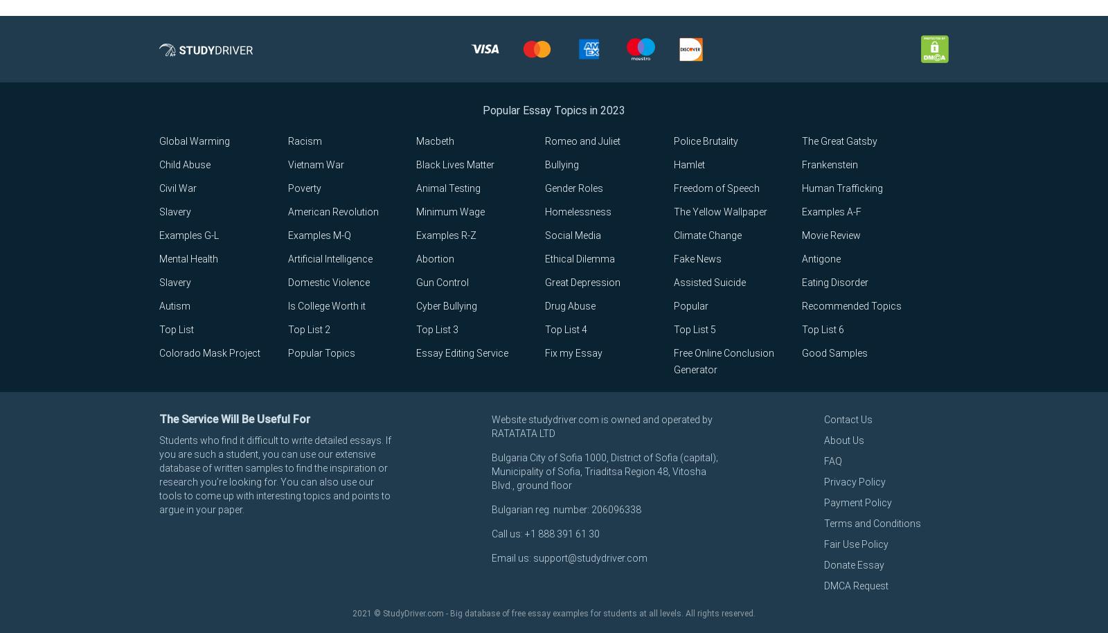 The image size is (1108, 633). Describe the element at coordinates (709, 283) in the screenshot. I see `'Assisted Suicide'` at that location.